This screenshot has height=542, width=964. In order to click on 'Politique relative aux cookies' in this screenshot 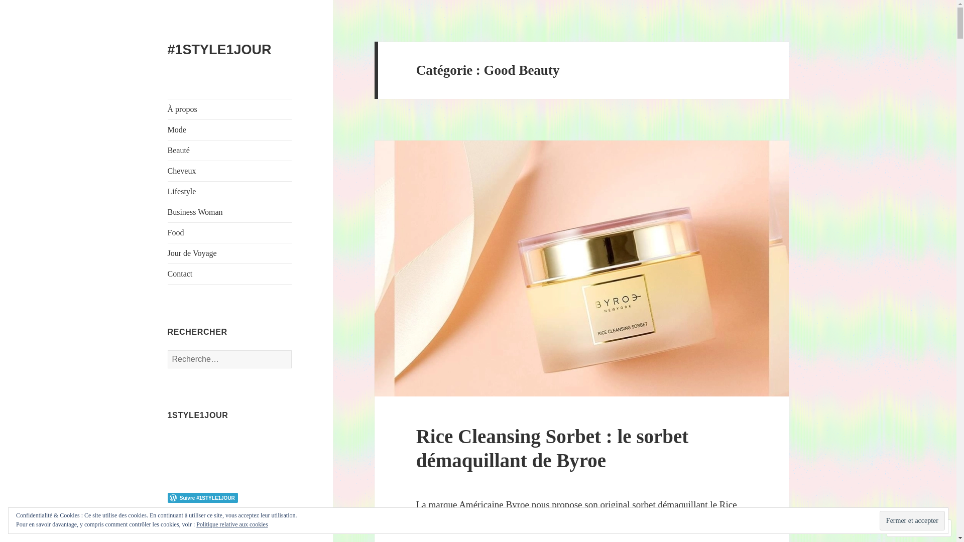, I will do `click(231, 524)`.